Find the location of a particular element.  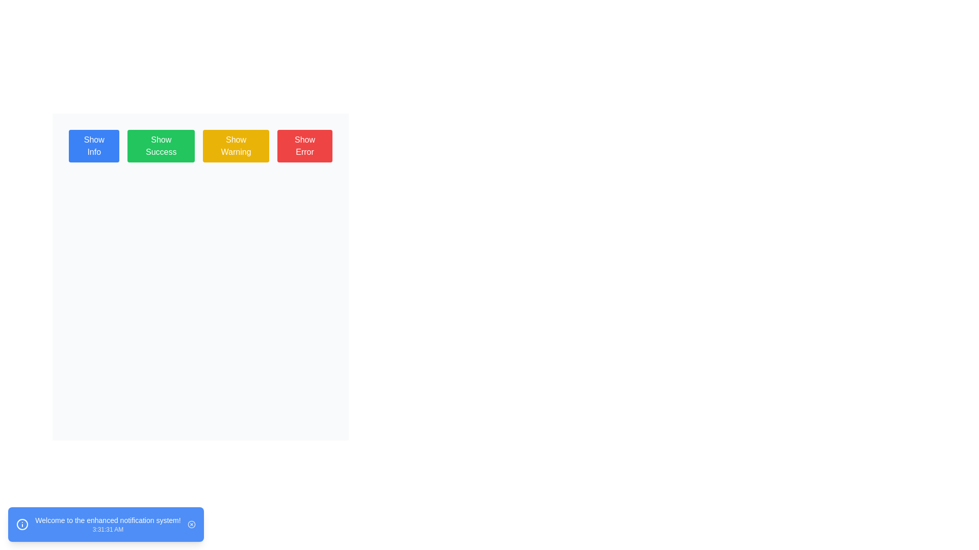

the close button, which is a small gray icon with a cross inside a circular frame, located in the far-right corner of the blue rounded rectangle notification component at the bottom of the page is located at coordinates (191, 524).